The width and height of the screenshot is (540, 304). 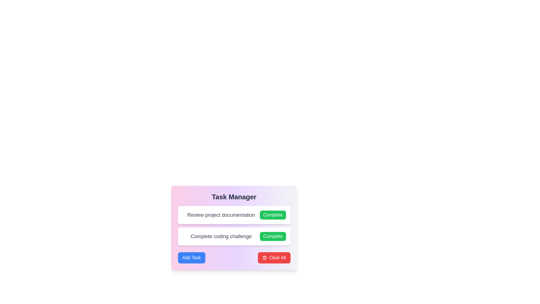 I want to click on the green 'Complete' button located in the bottom row of the task card in the task manager interface, so click(x=273, y=236).